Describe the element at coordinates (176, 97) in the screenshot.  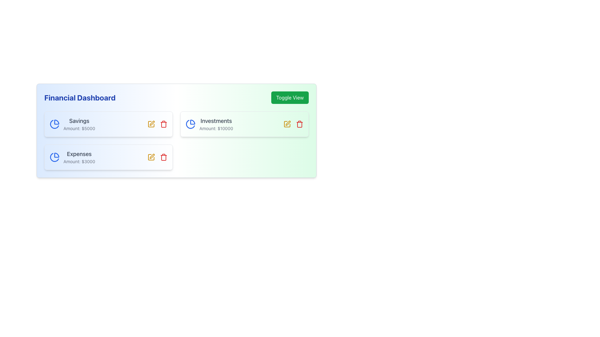
I see `the label 'Financial Dashboard' which is prominently displayed on the left side of the compound component` at that location.